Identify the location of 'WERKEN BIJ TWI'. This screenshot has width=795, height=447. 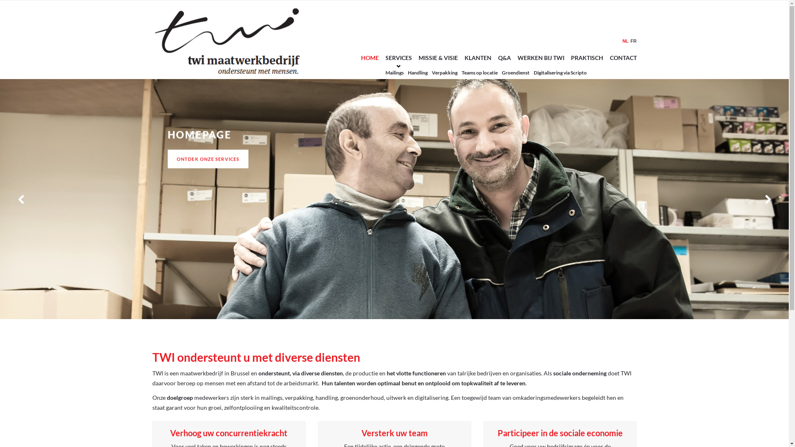
(541, 58).